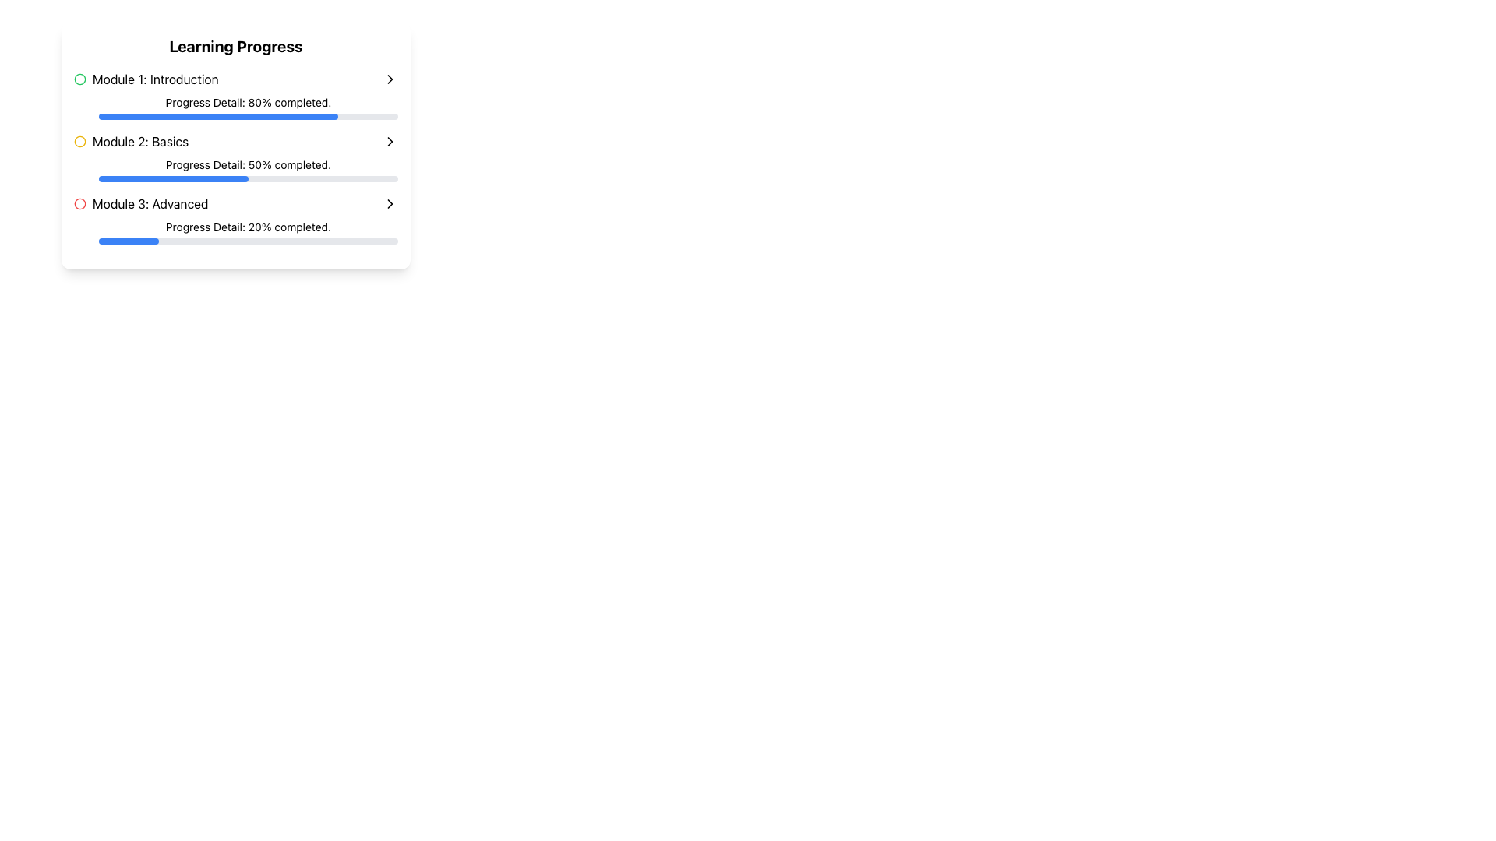  I want to click on the text label 'Progress Detail: 20% completed.' which is part of a composite element including a progress bar located beneath the header 'Module 3: Advanced', so click(235, 231).